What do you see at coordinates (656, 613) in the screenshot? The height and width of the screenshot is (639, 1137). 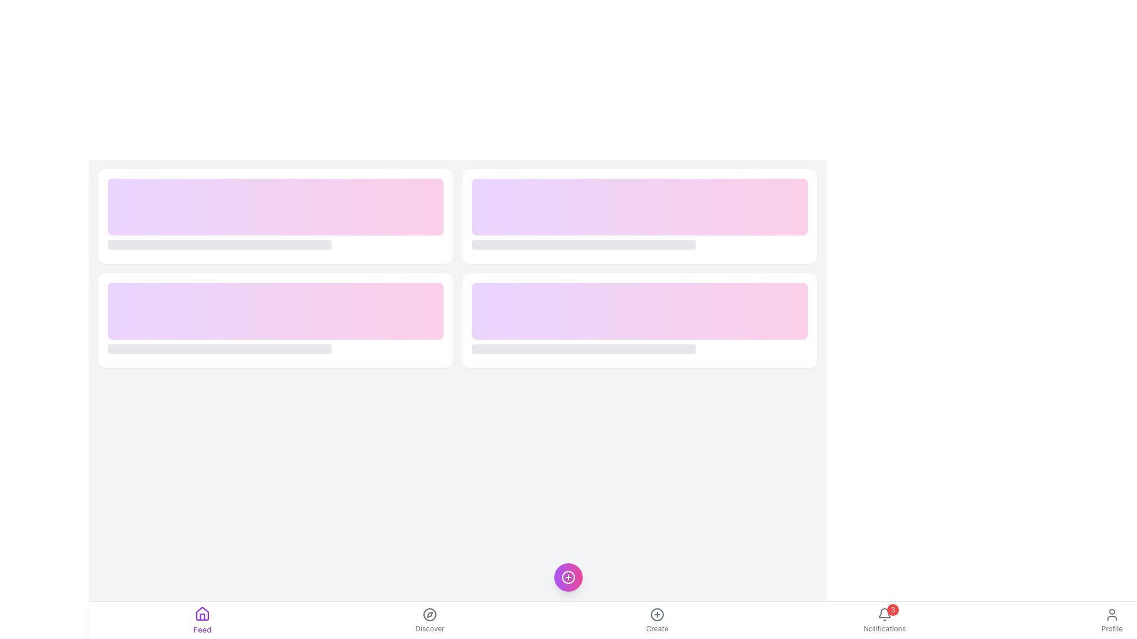 I see `the central graphical circle of the creation button located at the bottom part of the interface` at bounding box center [656, 613].